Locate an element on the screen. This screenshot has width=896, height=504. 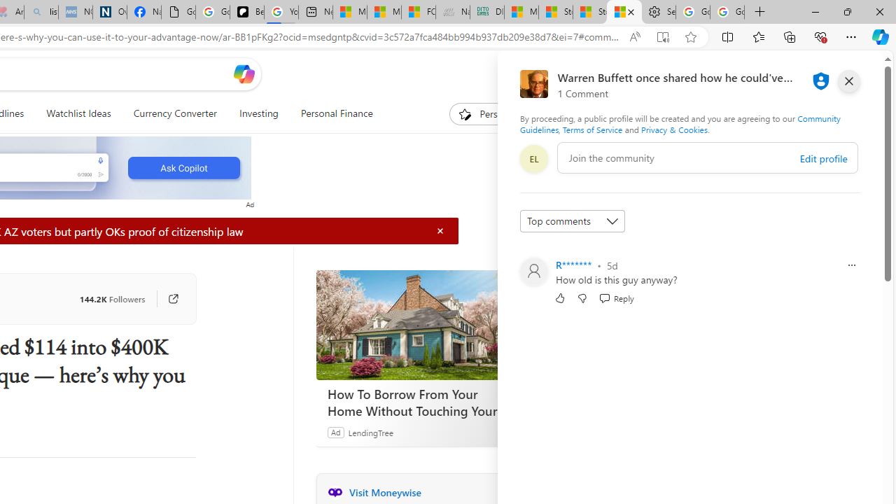
'Profile Picture' is located at coordinates (533, 272).